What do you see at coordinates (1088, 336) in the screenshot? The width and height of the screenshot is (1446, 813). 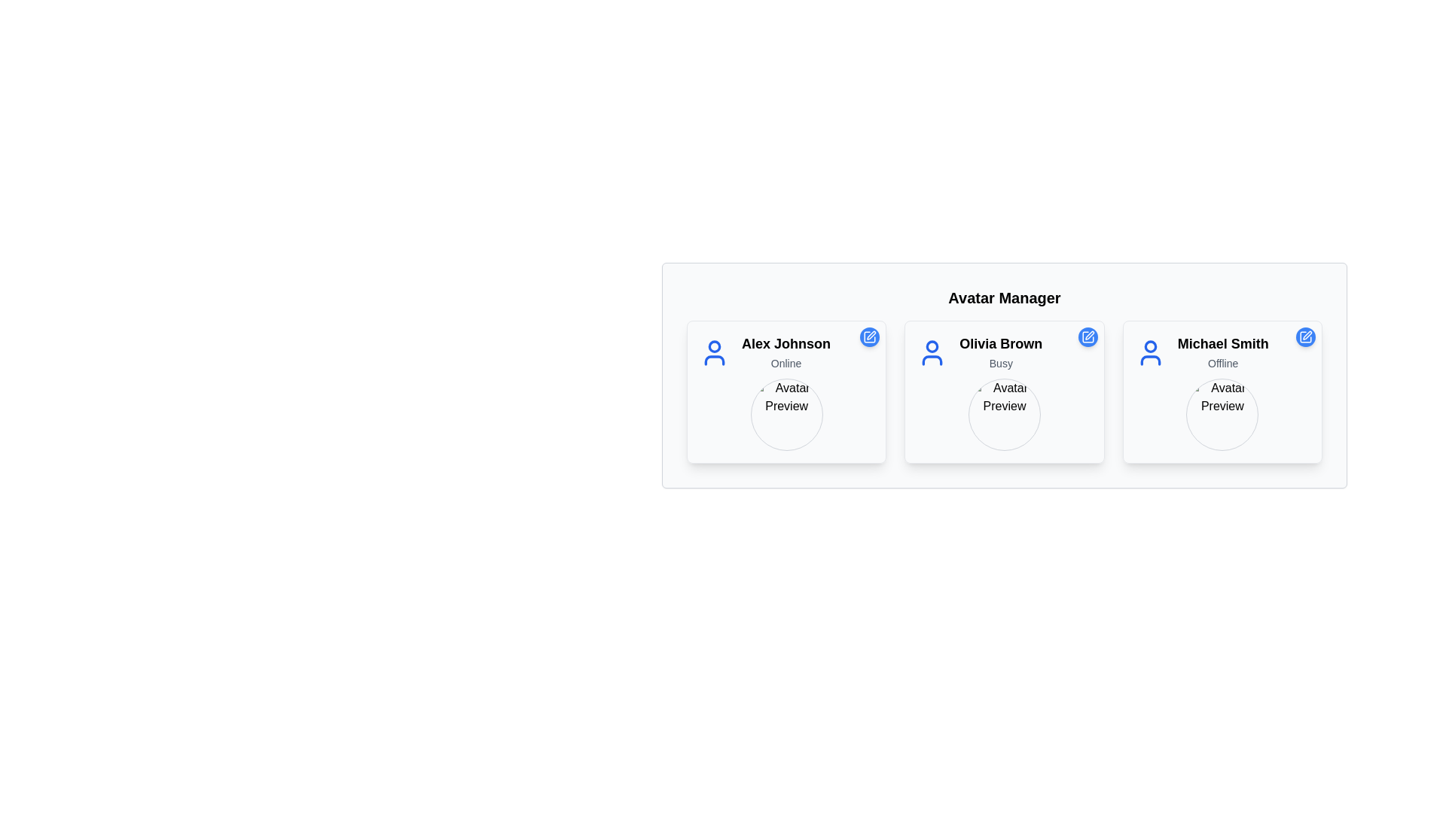 I see `the blue circular button containing the pen-square icon at the top-right corner of the Olivia Brown profile card` at bounding box center [1088, 336].